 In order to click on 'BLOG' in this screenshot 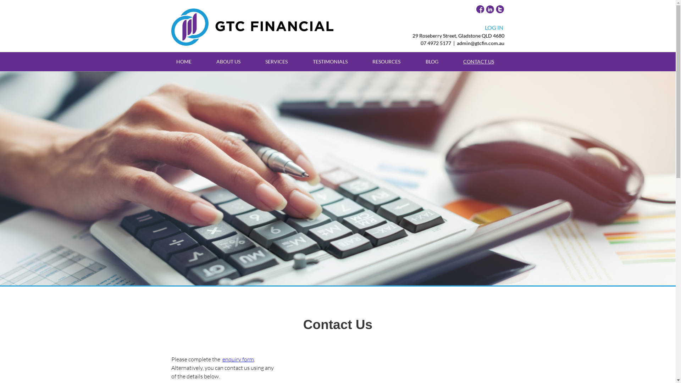, I will do `click(432, 61)`.